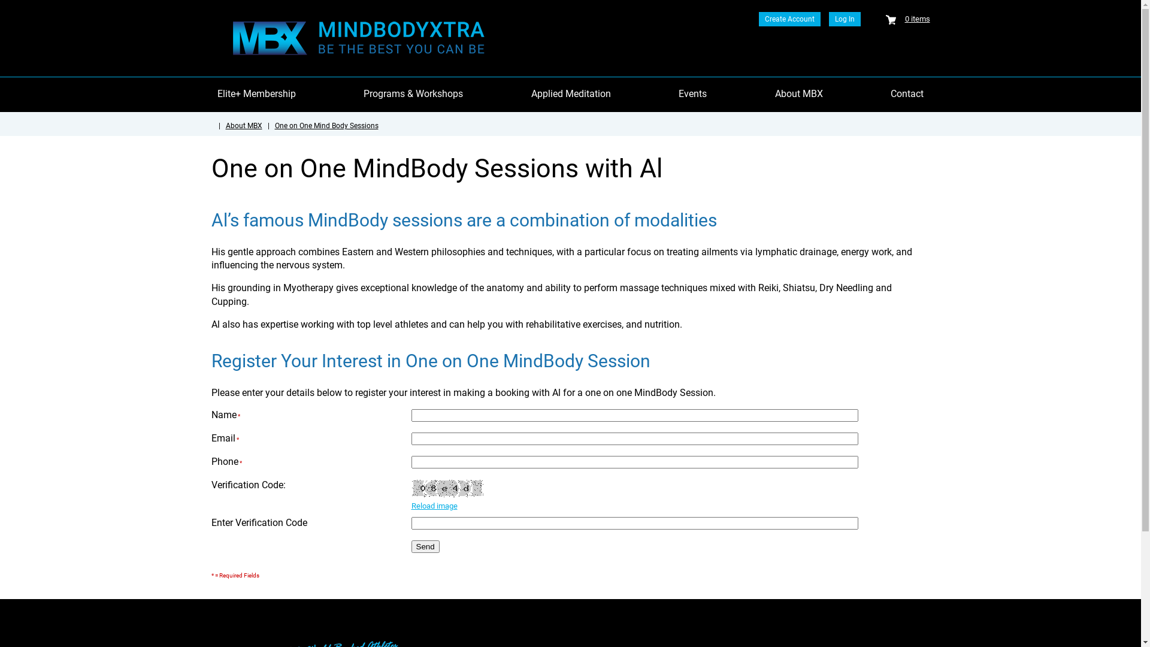  What do you see at coordinates (789, 19) in the screenshot?
I see `'Create Account'` at bounding box center [789, 19].